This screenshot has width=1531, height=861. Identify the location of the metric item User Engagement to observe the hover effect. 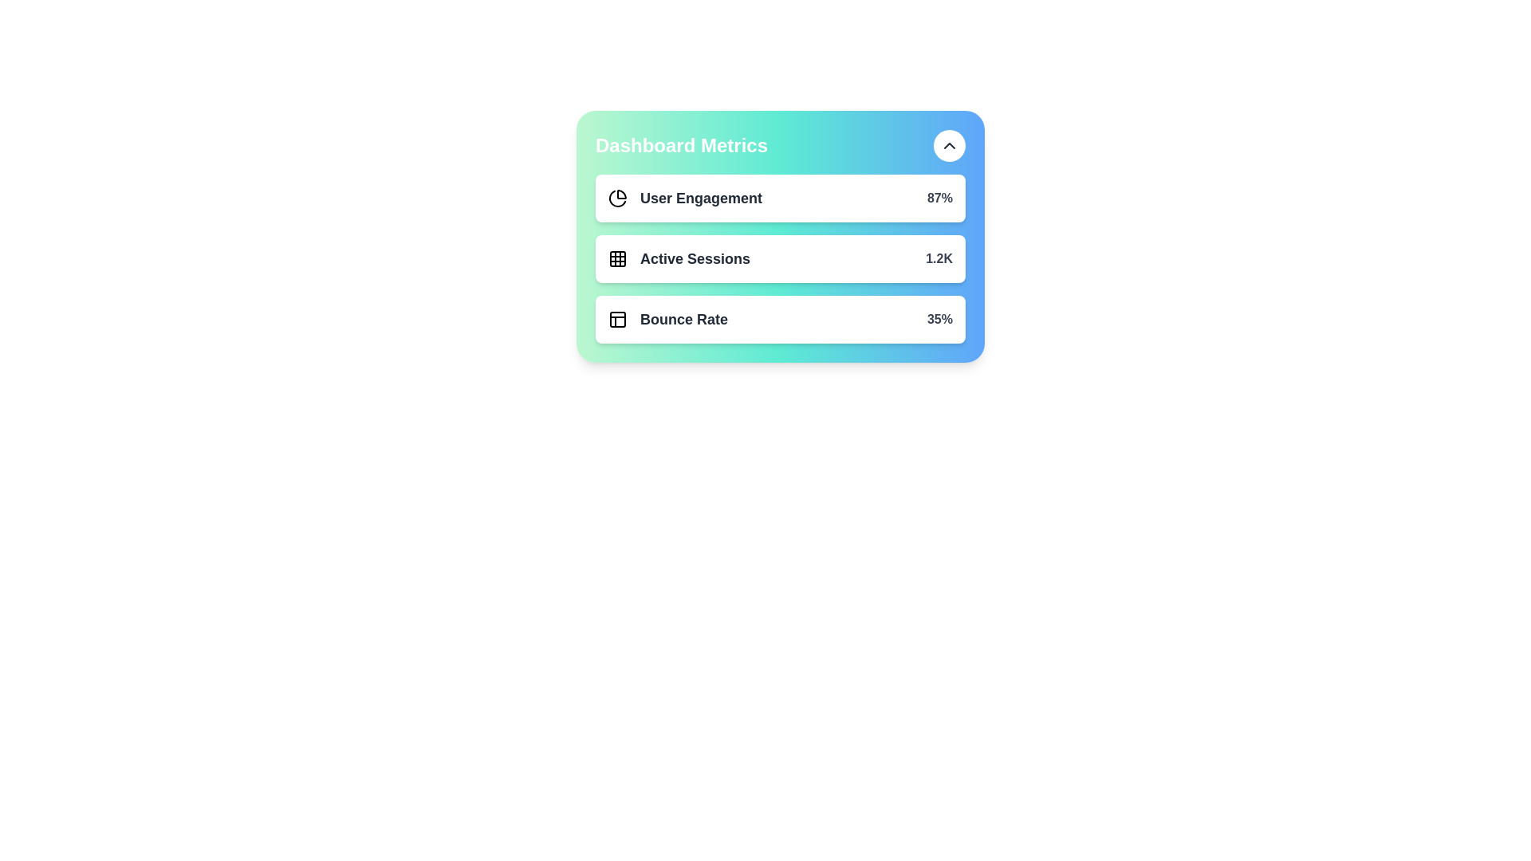
(781, 198).